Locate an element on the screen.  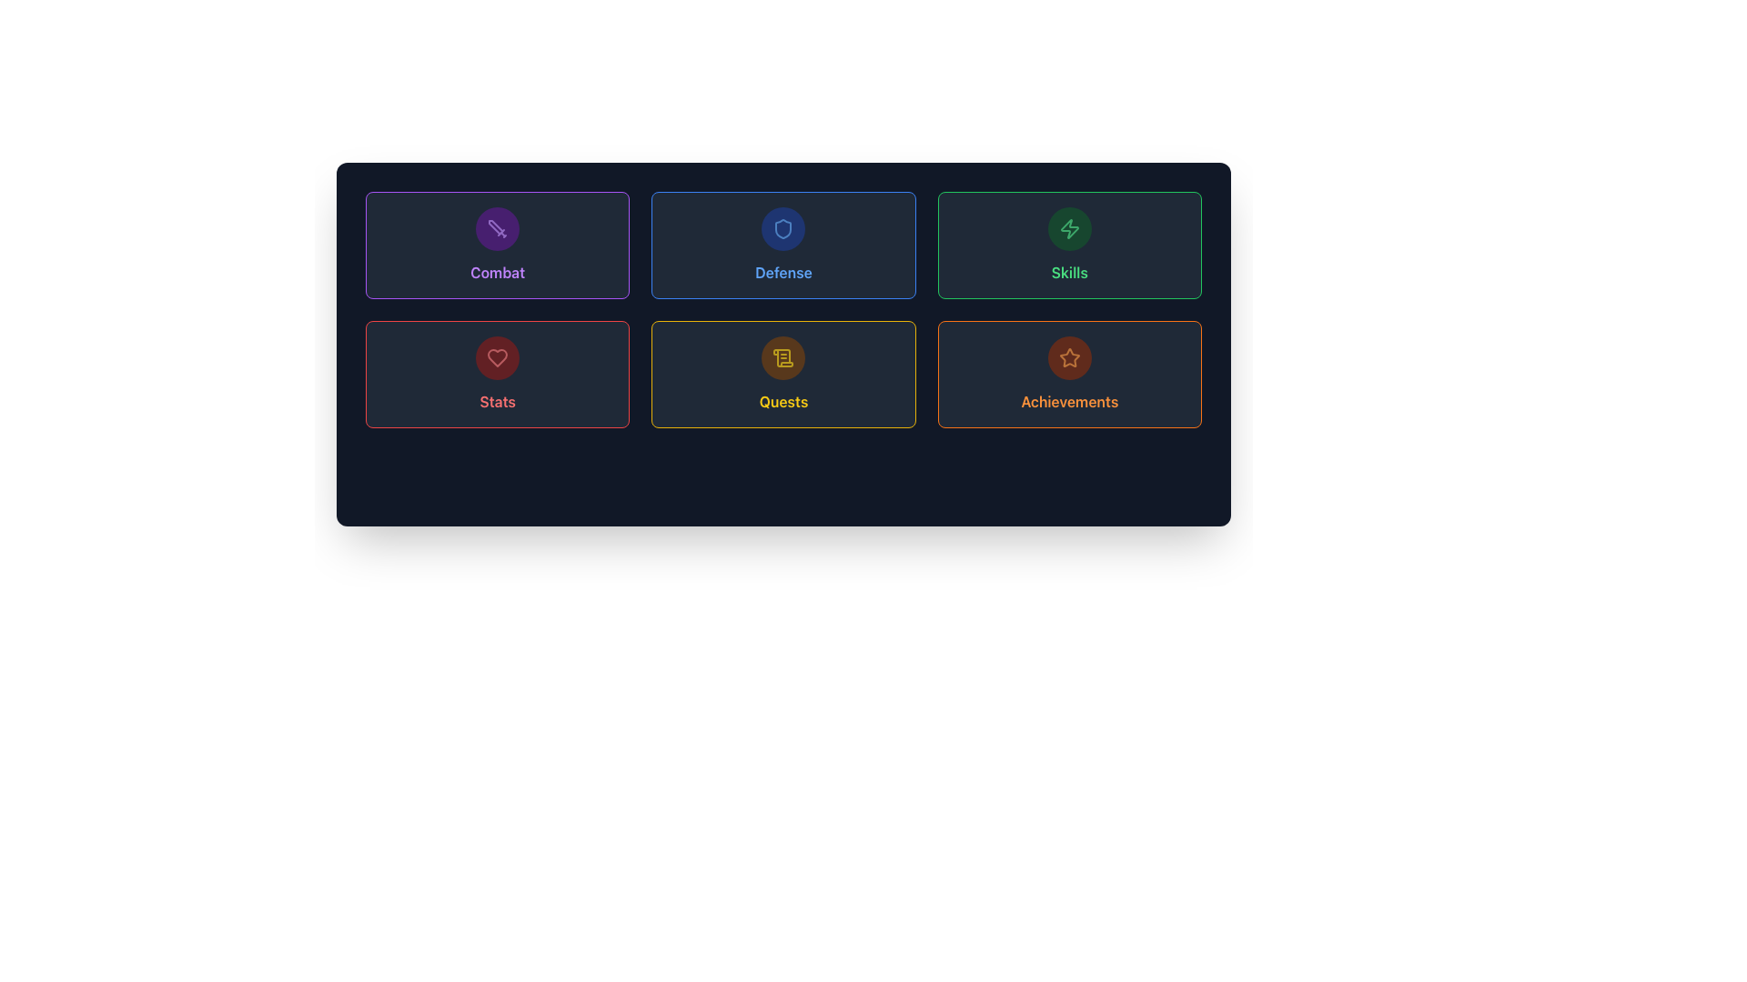
the styled icon resembling a scroll, which is part of the 'Quests' button in the SVG grid layout is located at coordinates (783, 356).